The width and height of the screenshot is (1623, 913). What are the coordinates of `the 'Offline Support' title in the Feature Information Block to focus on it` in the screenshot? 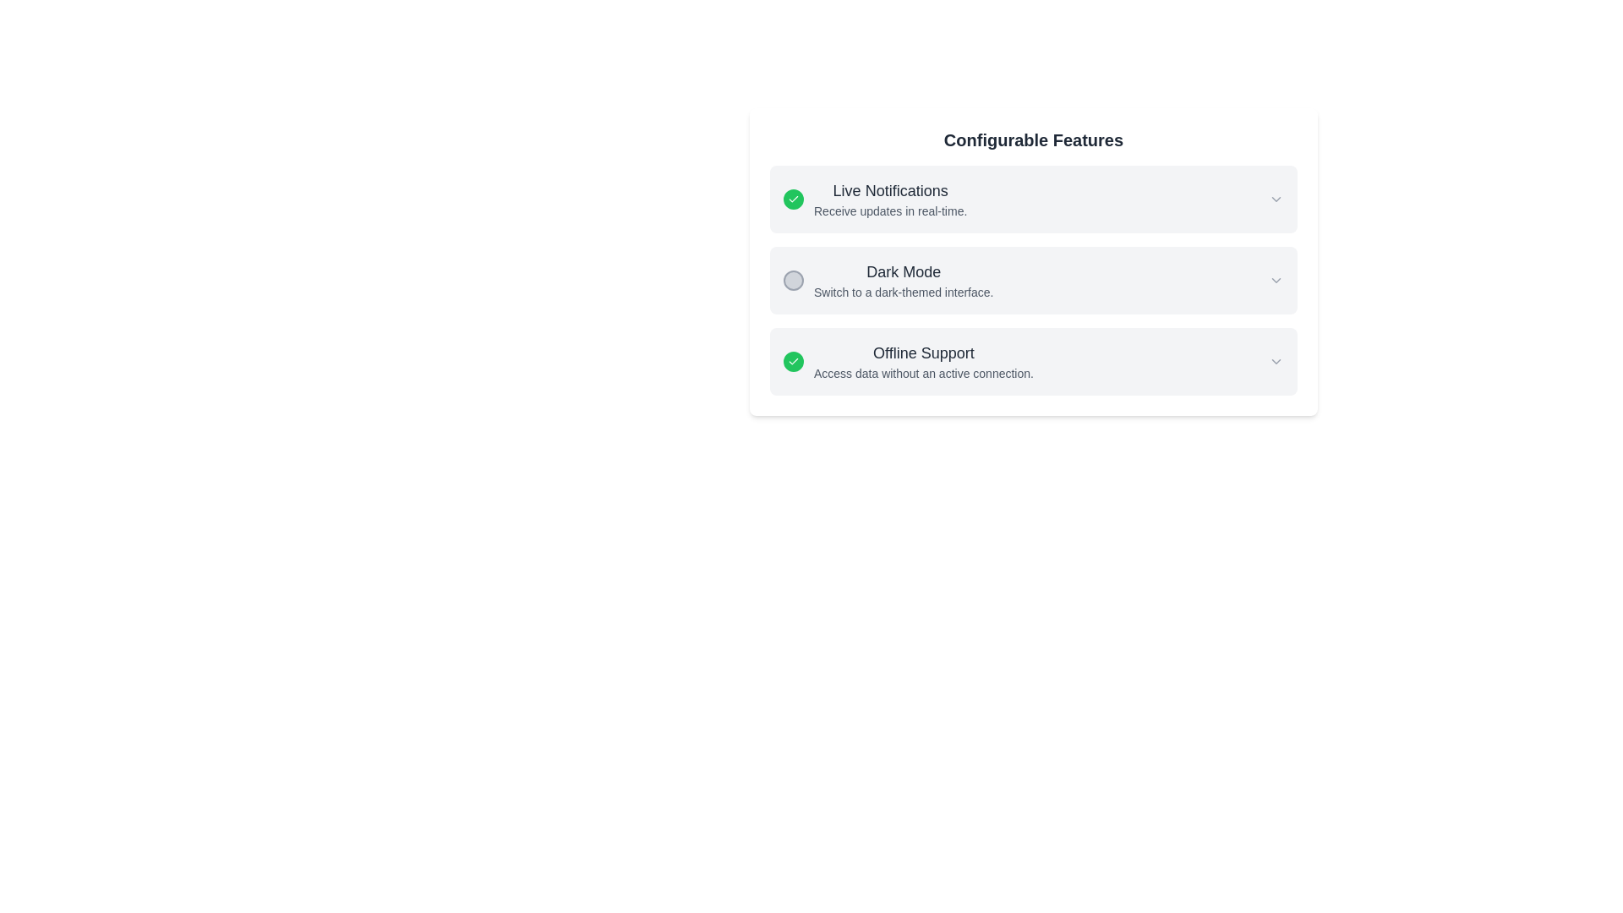 It's located at (923, 361).